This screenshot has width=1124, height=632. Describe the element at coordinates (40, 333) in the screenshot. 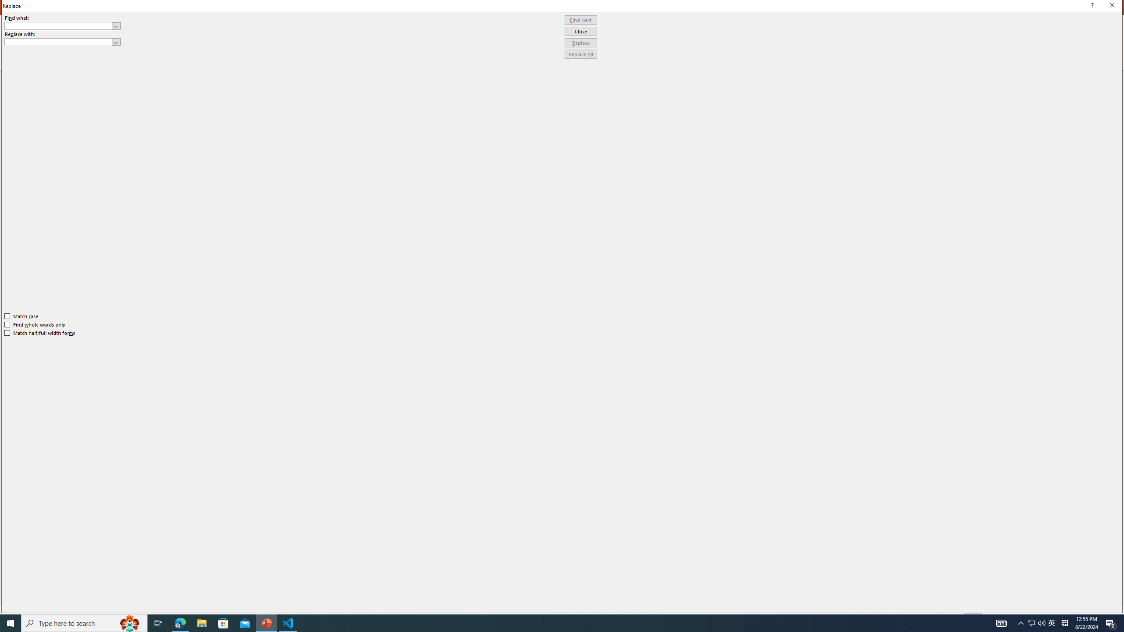

I see `'Match half/full width forms'` at that location.